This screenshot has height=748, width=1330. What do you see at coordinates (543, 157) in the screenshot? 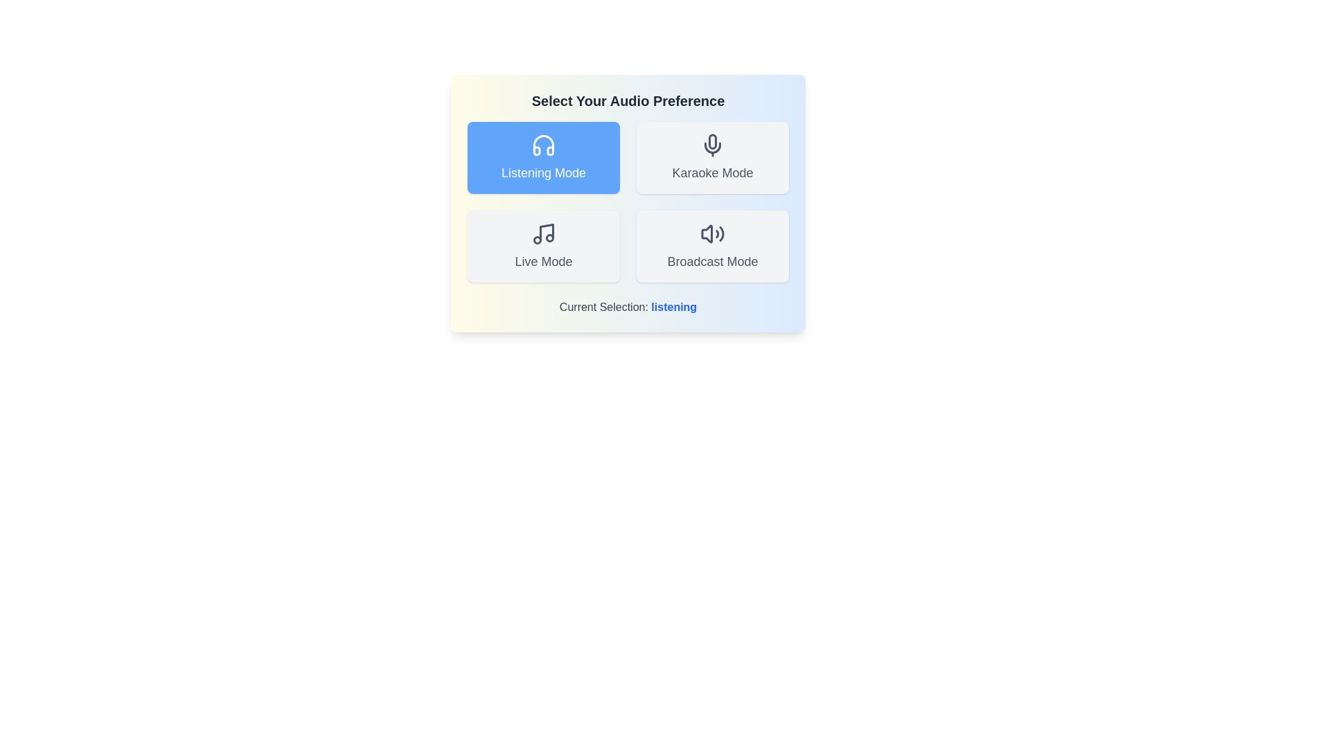
I see `the mode button for Listening Mode` at bounding box center [543, 157].